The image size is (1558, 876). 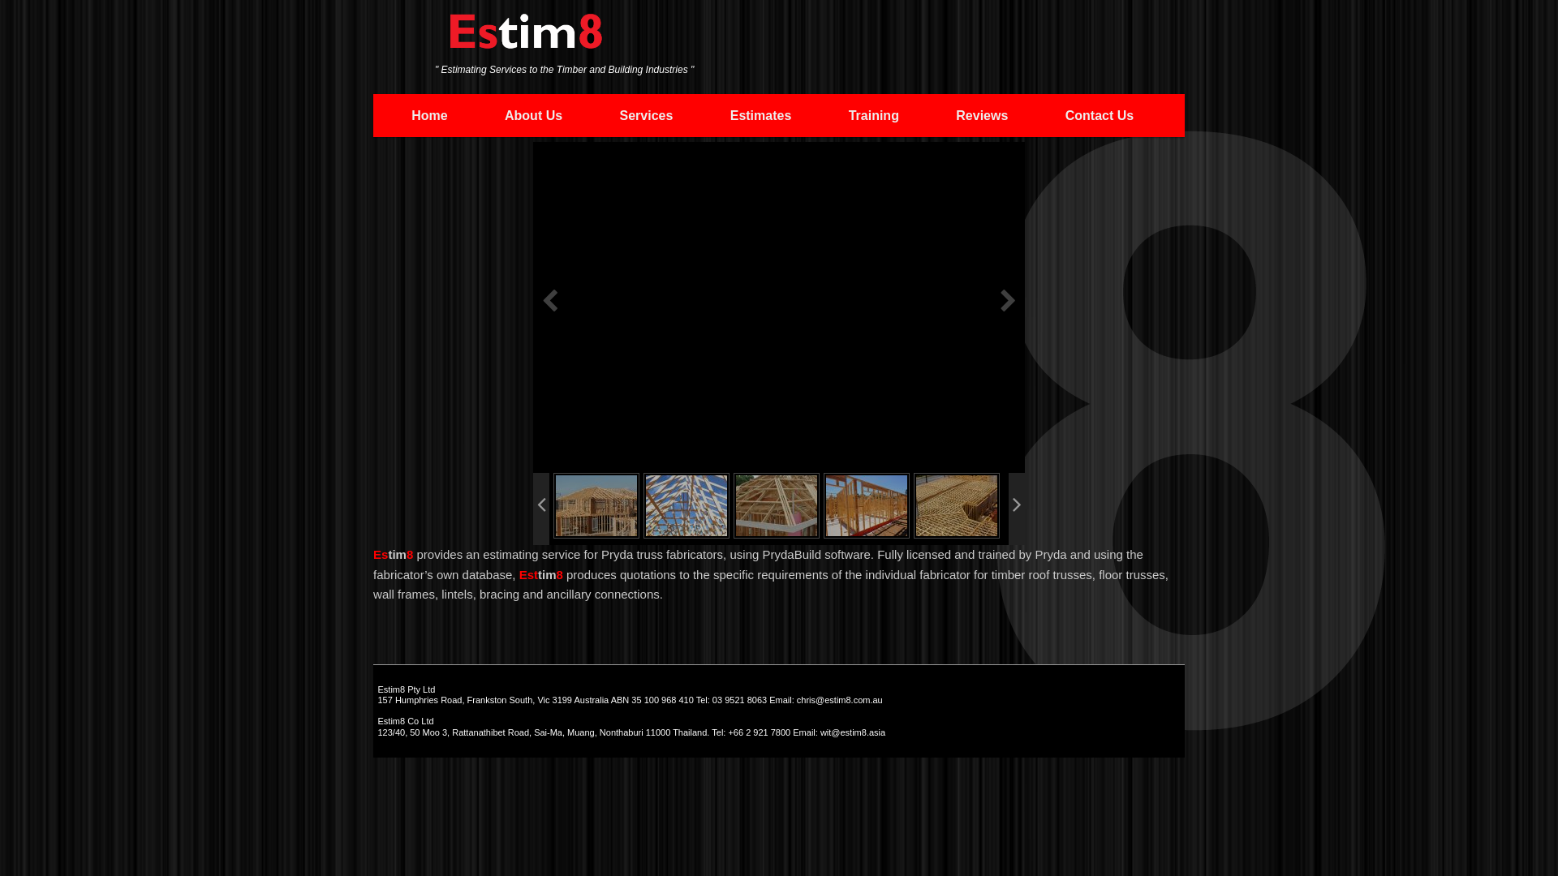 What do you see at coordinates (475, 114) in the screenshot?
I see `'About Us'` at bounding box center [475, 114].